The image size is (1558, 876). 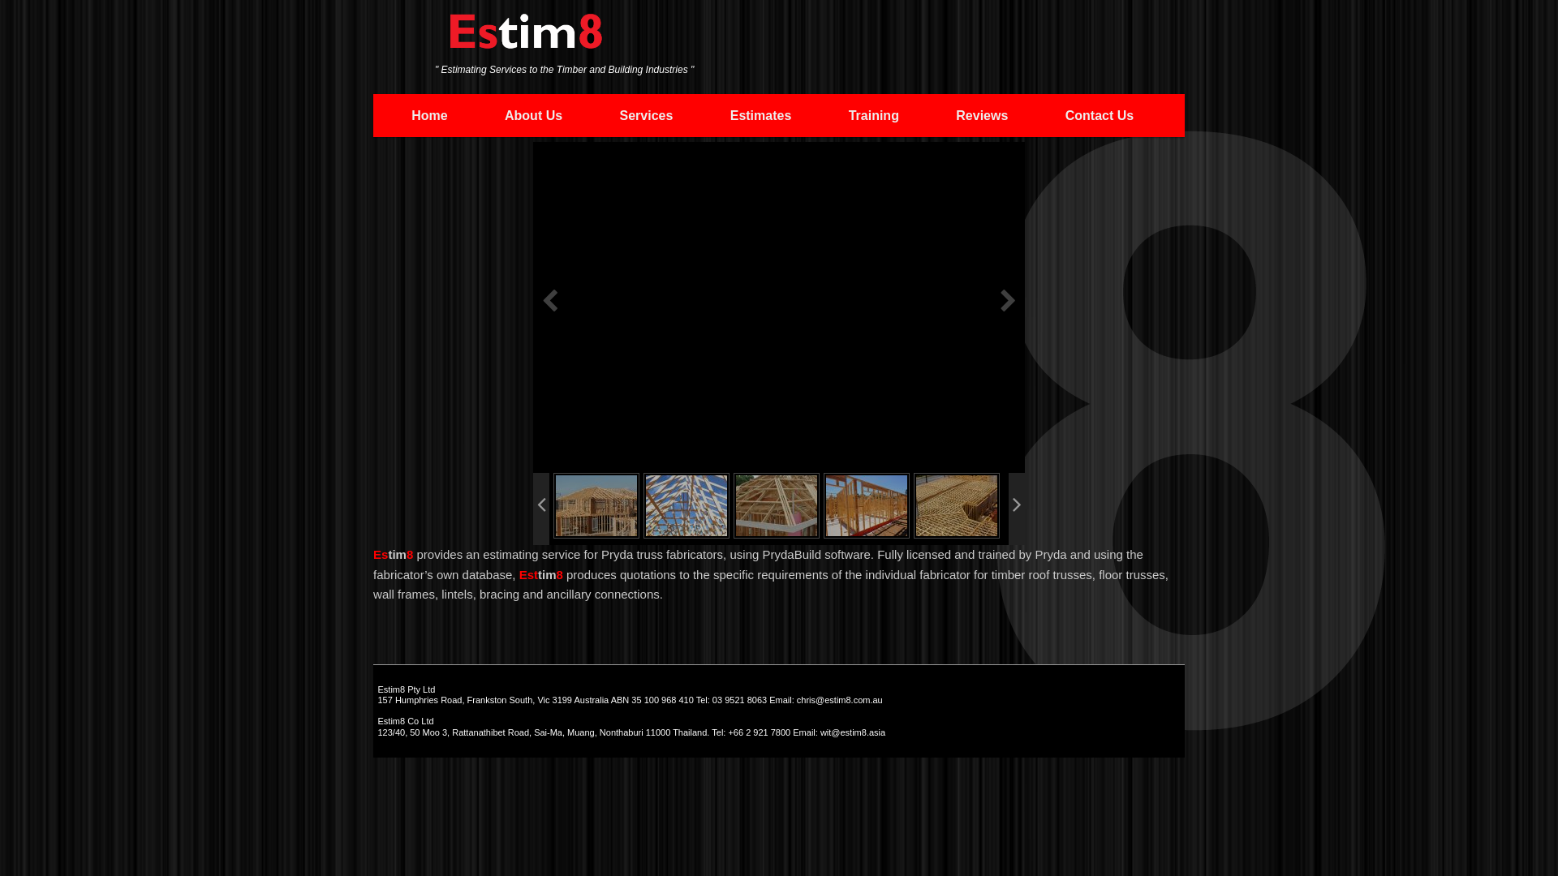 What do you see at coordinates (475, 114) in the screenshot?
I see `'About Us'` at bounding box center [475, 114].